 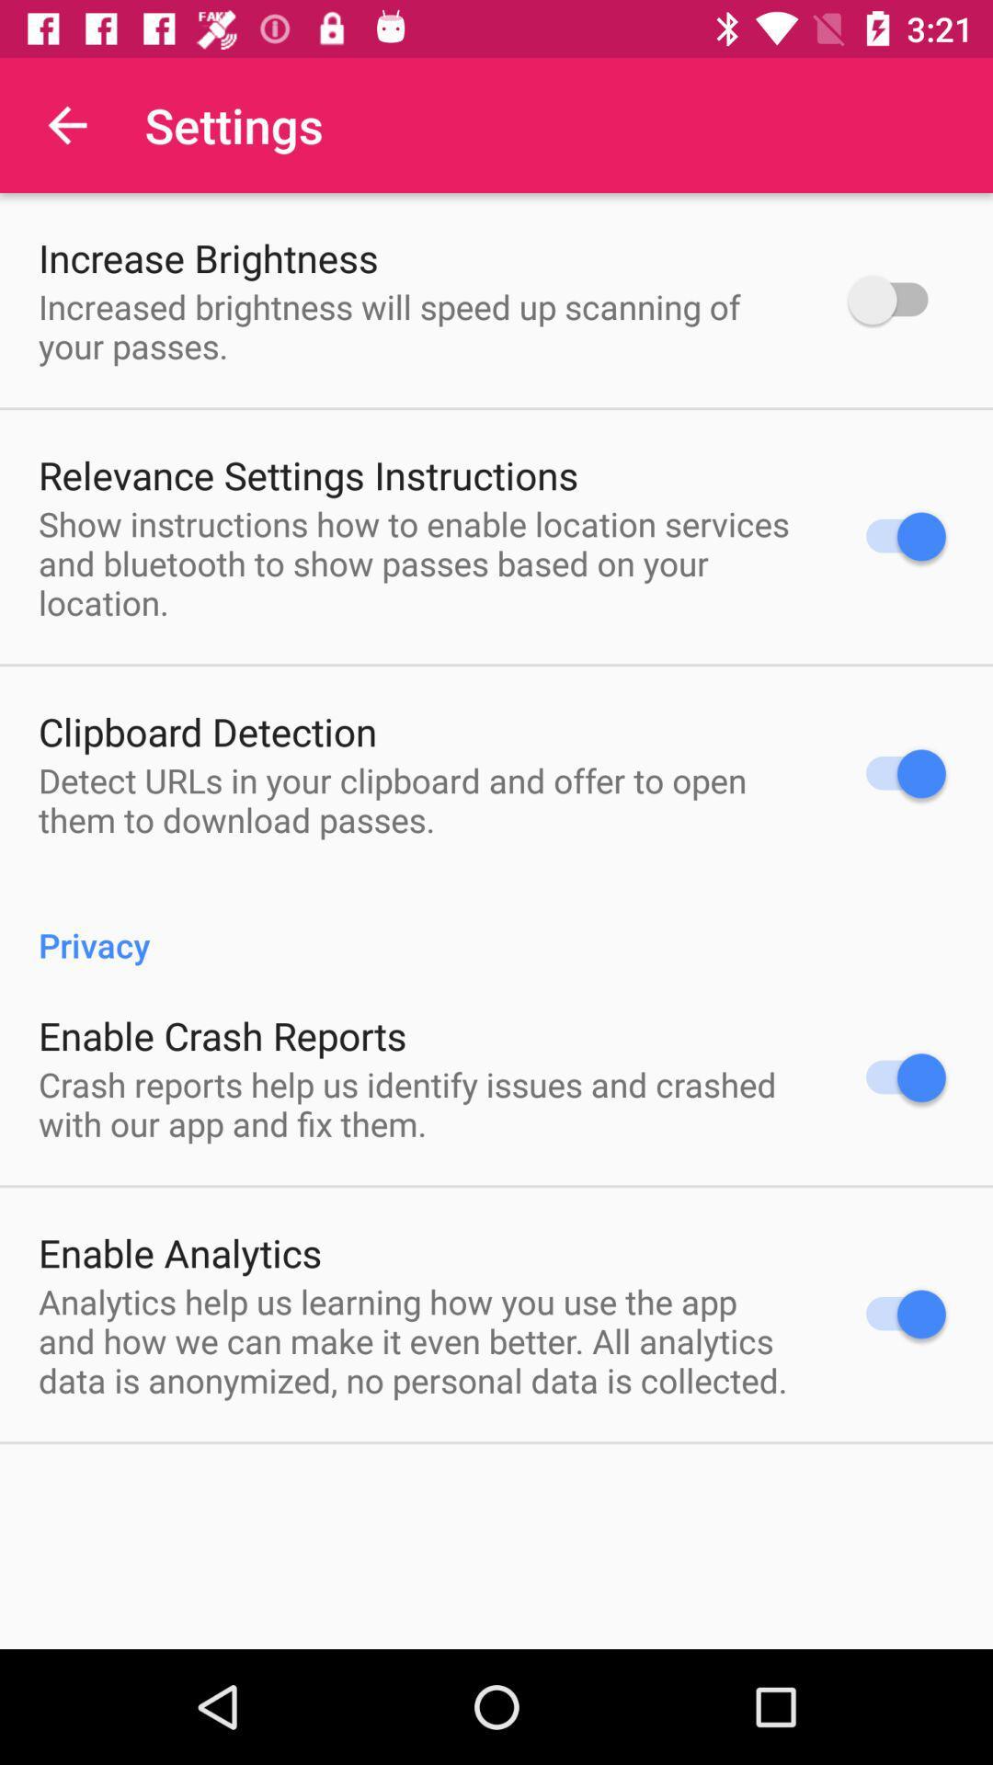 I want to click on relevance settings instructions, so click(x=307, y=474).